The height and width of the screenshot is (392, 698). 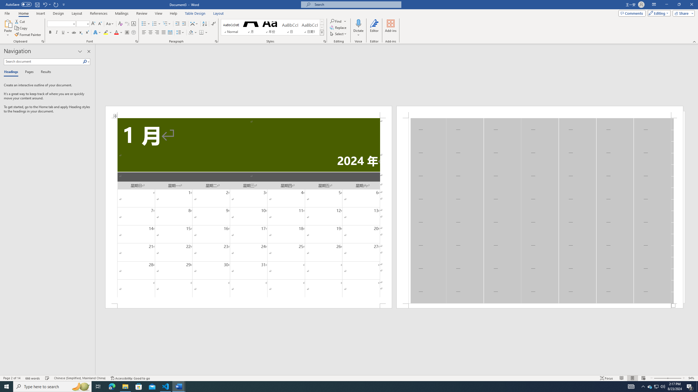 I want to click on 'Mode', so click(x=658, y=13).